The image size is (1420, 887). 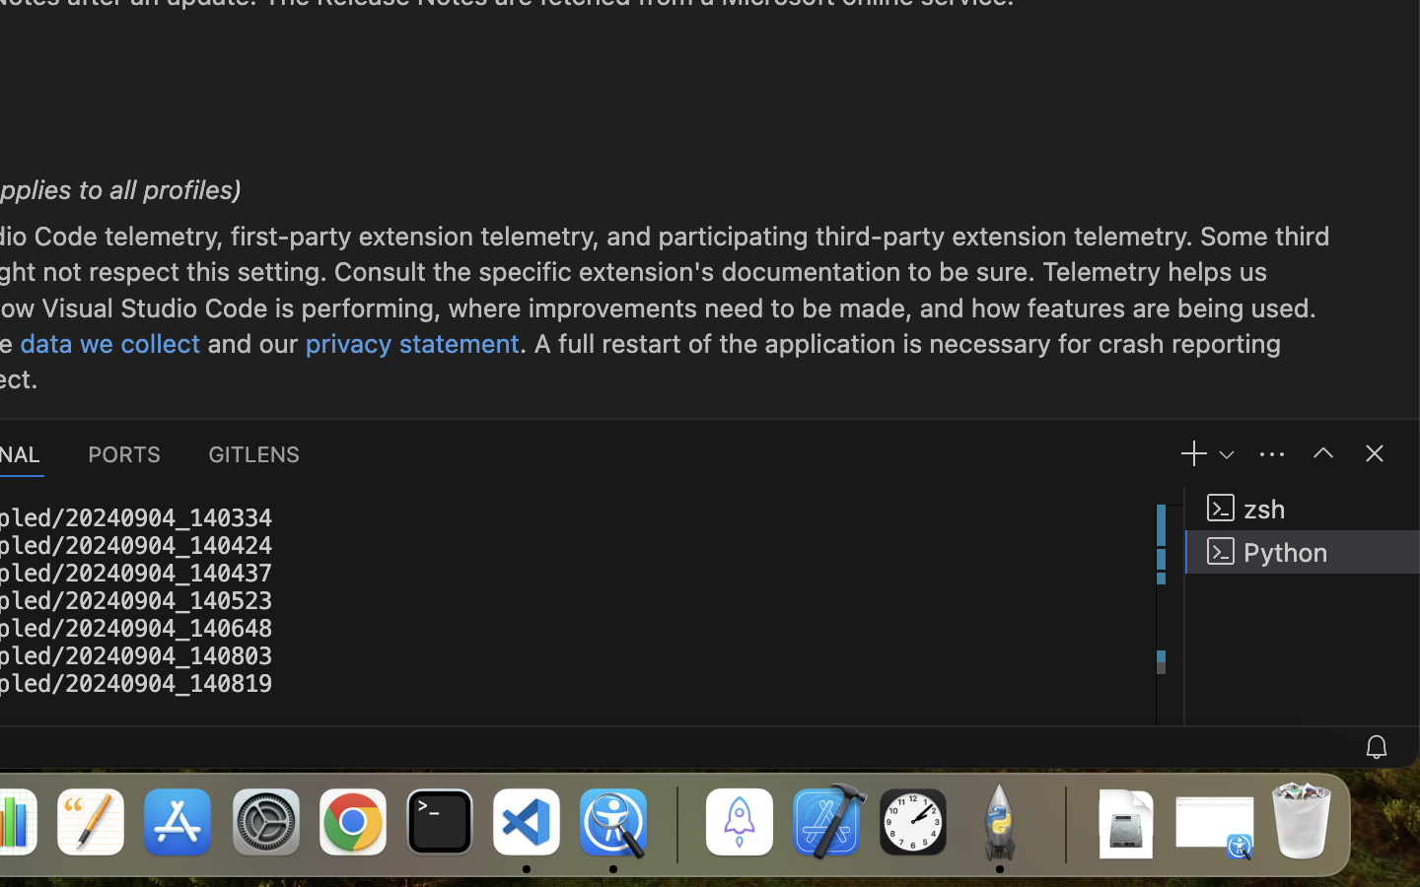 What do you see at coordinates (252, 343) in the screenshot?
I see `'and our'` at bounding box center [252, 343].